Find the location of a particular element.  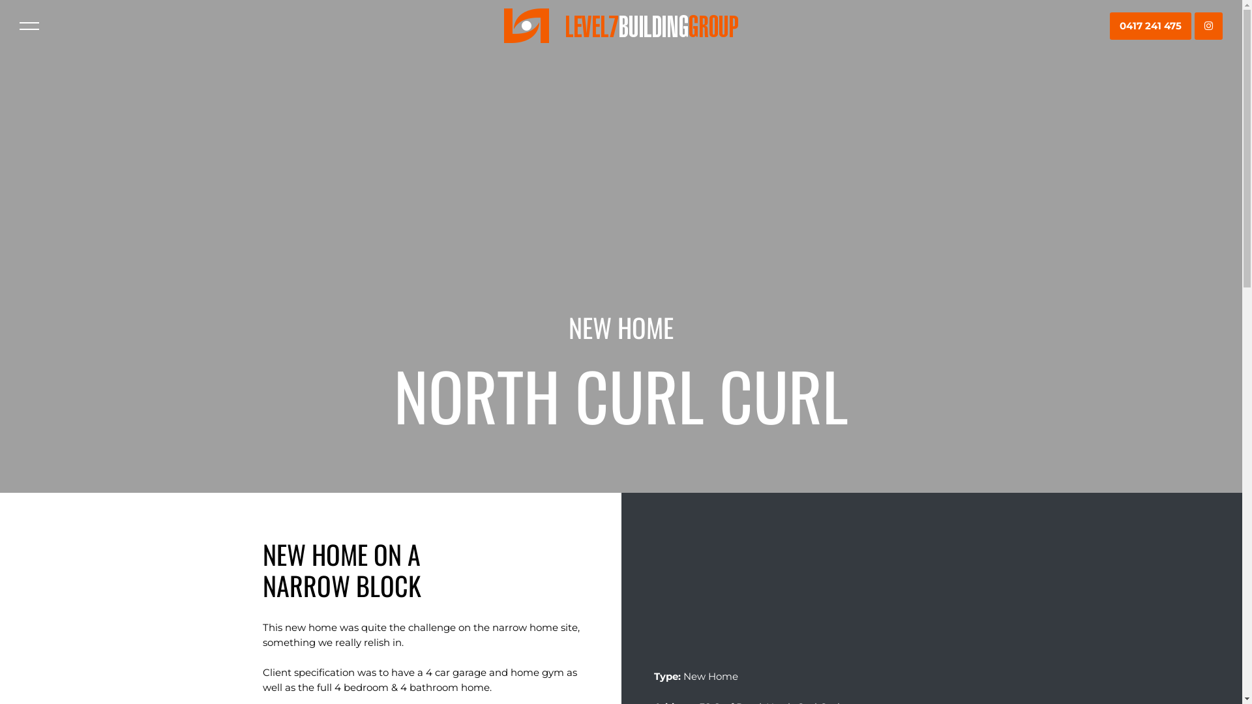

'0417 241 475' is located at coordinates (1150, 26).